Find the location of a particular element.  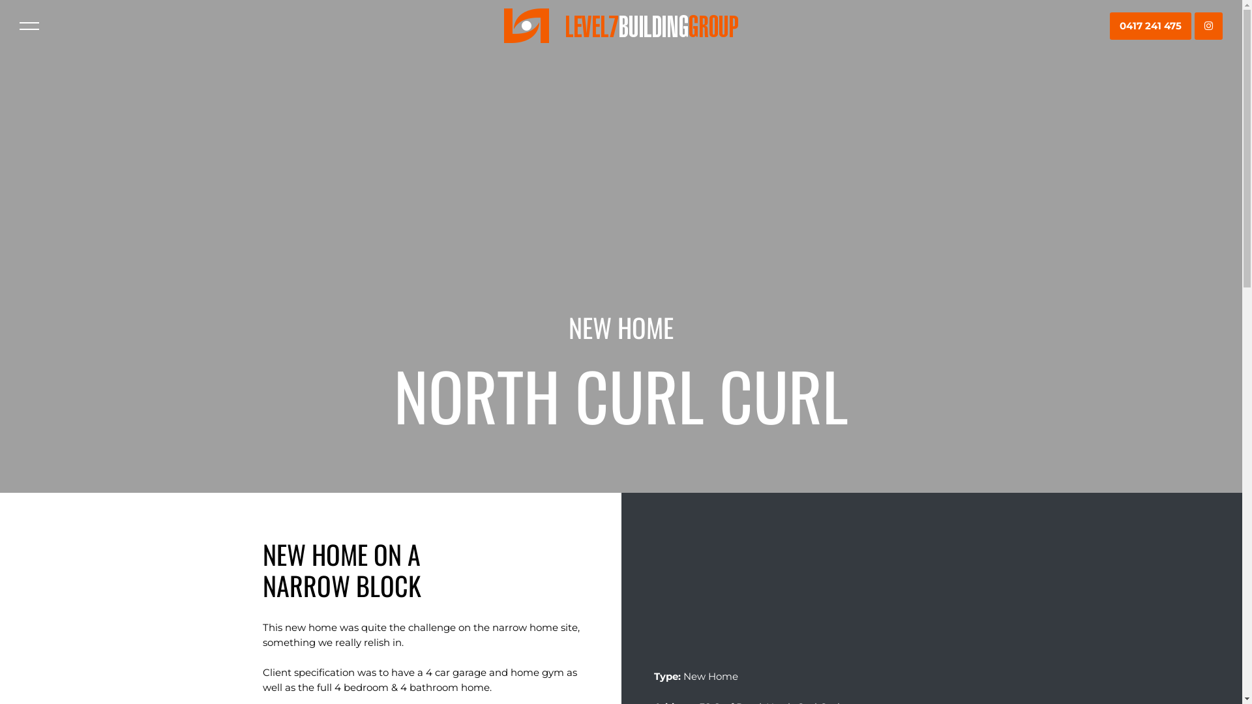

'0417 241 475' is located at coordinates (1150, 26).